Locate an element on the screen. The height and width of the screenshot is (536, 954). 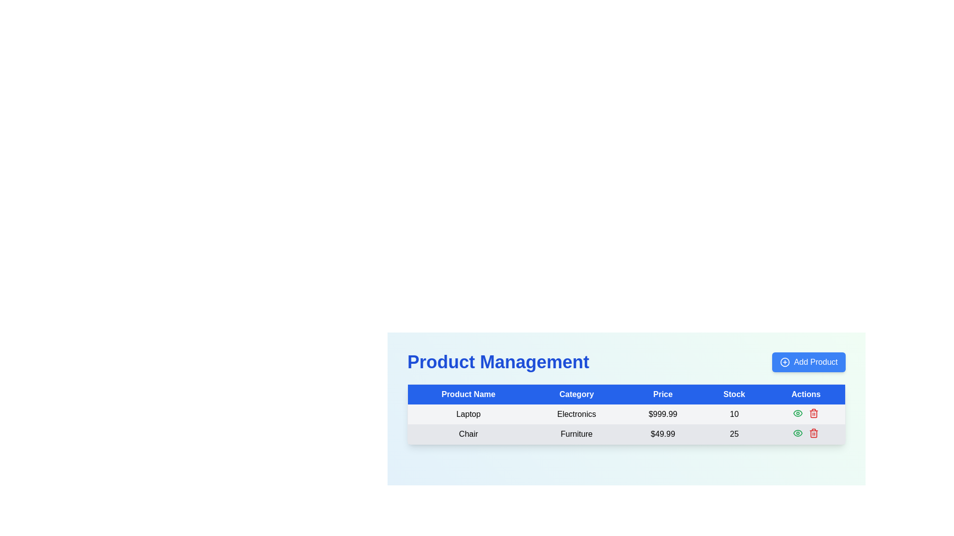
text of the Table Header element that identifies the content of the product names column, located at the leftmost position of the header row is located at coordinates (468, 394).